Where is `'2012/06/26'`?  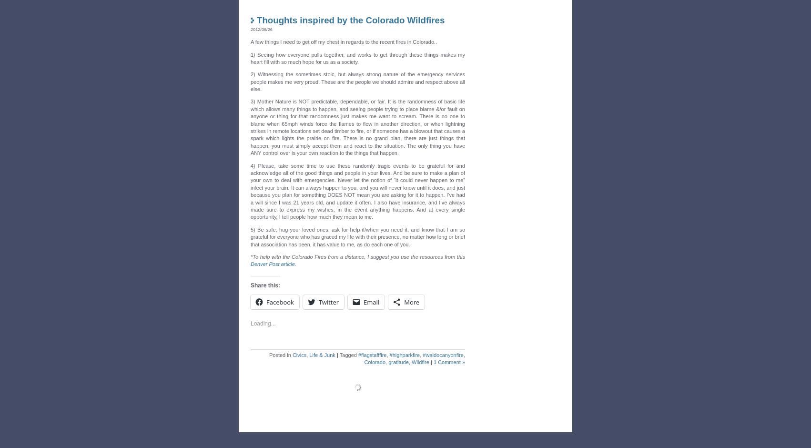
'2012/06/26' is located at coordinates (250, 26).